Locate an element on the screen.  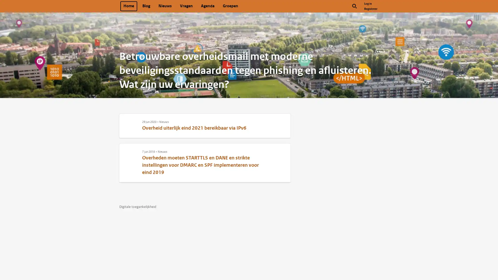
Like is located at coordinates (205, 143).